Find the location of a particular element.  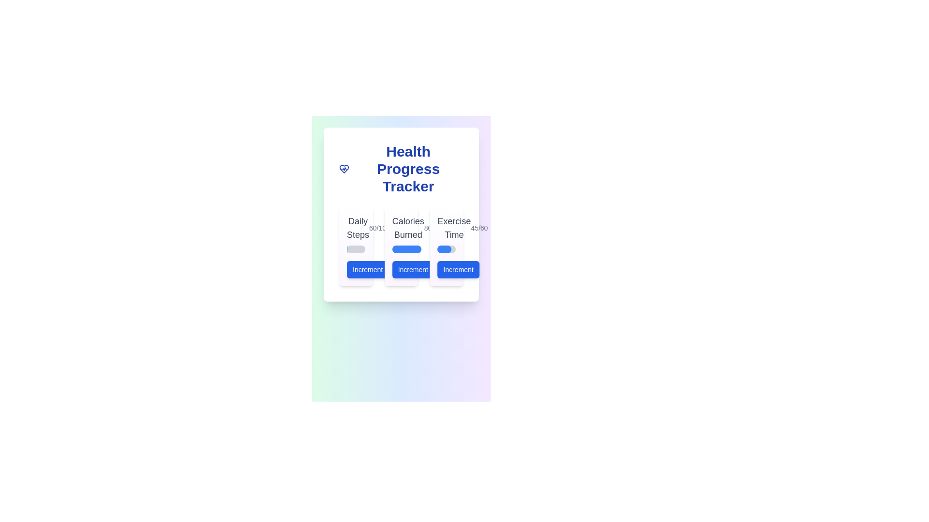

the increment button located in the 'Daily Steps' section, positioned below the progress bar, to increase the step count is located at coordinates (355, 270).